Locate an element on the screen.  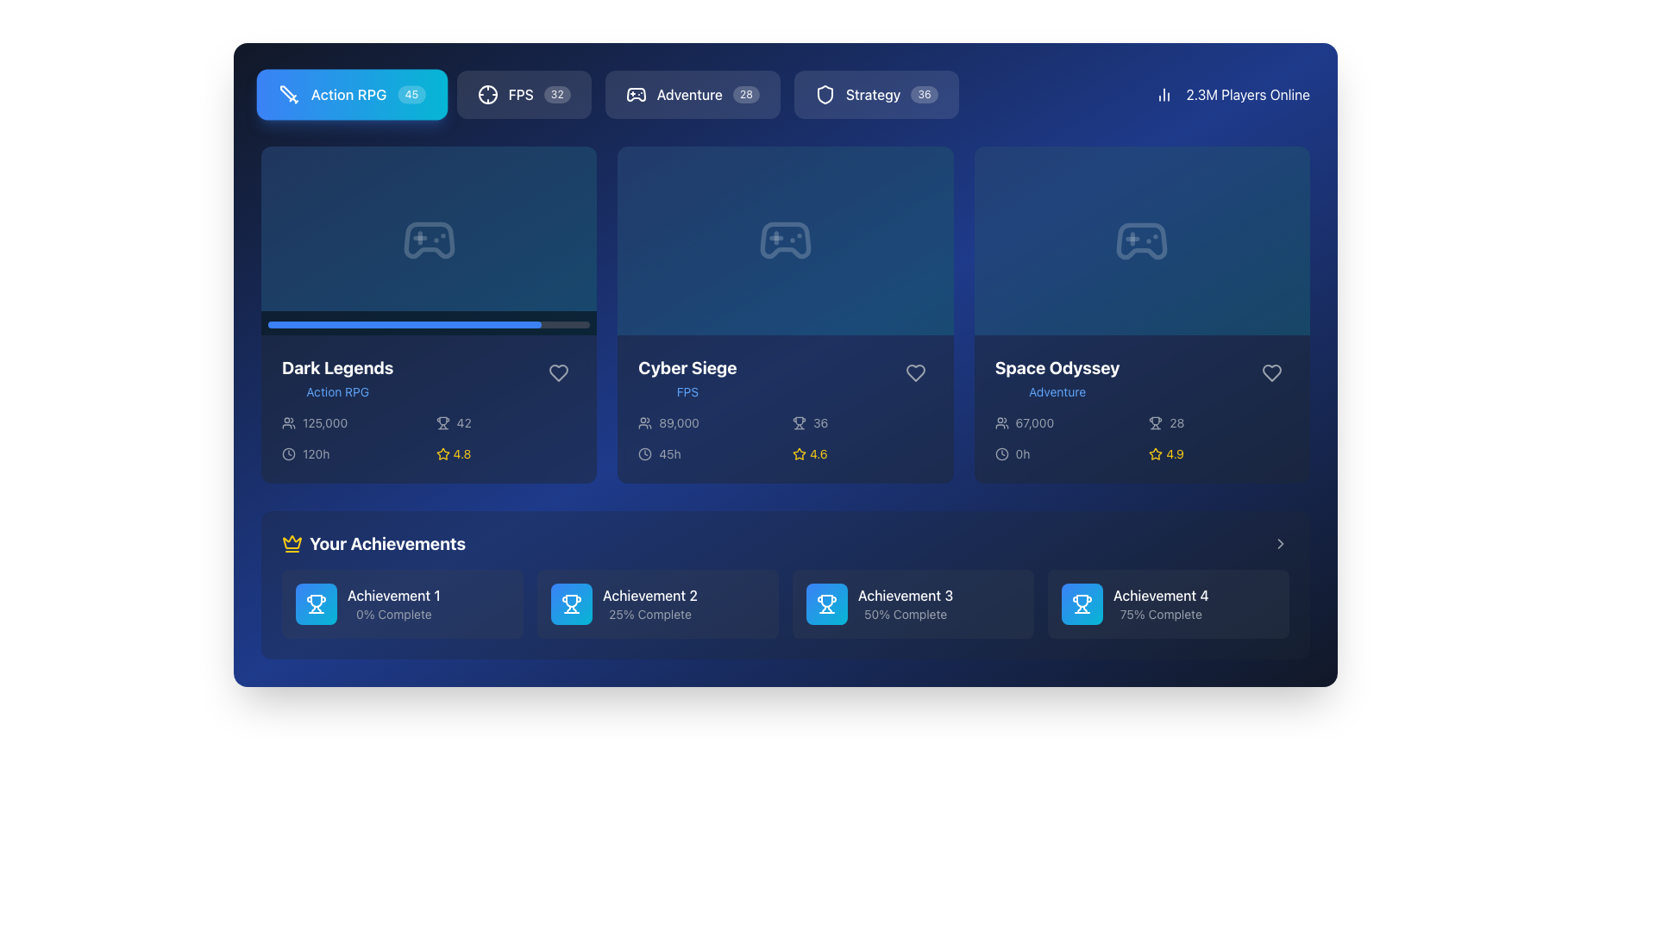
displayed text of the Informational display component labeled 'Achievement 4' with '75% Complete' in the 'Your Achievements' section is located at coordinates (1161, 603).